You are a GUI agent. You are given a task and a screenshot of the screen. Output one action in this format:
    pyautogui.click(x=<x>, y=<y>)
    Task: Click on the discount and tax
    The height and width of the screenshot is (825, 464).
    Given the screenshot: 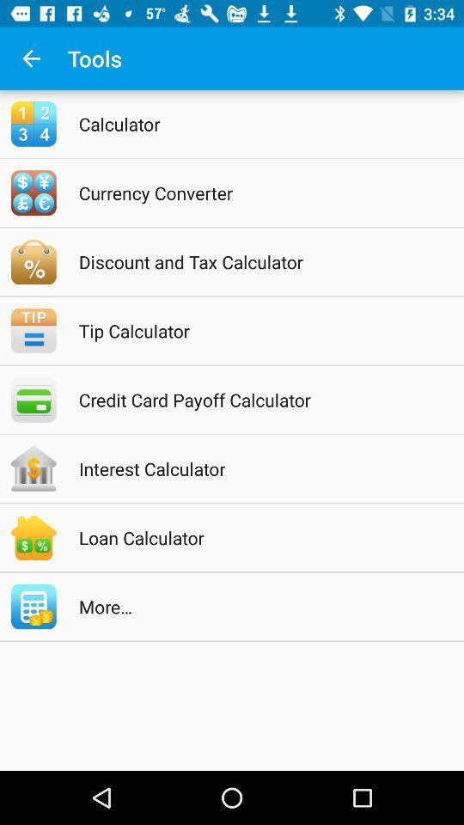 What is the action you would take?
    pyautogui.click(x=253, y=261)
    